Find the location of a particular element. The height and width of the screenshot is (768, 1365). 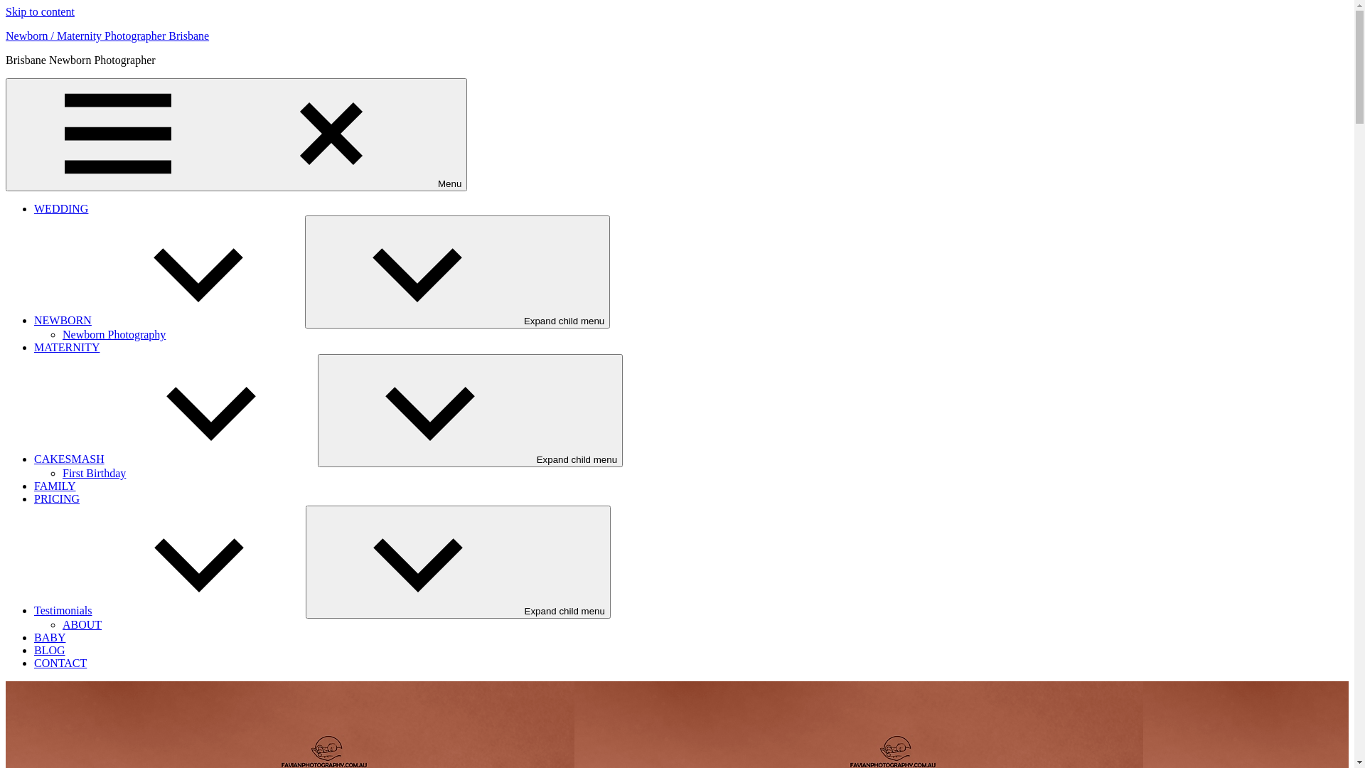

'WEDDING' is located at coordinates (60, 208).